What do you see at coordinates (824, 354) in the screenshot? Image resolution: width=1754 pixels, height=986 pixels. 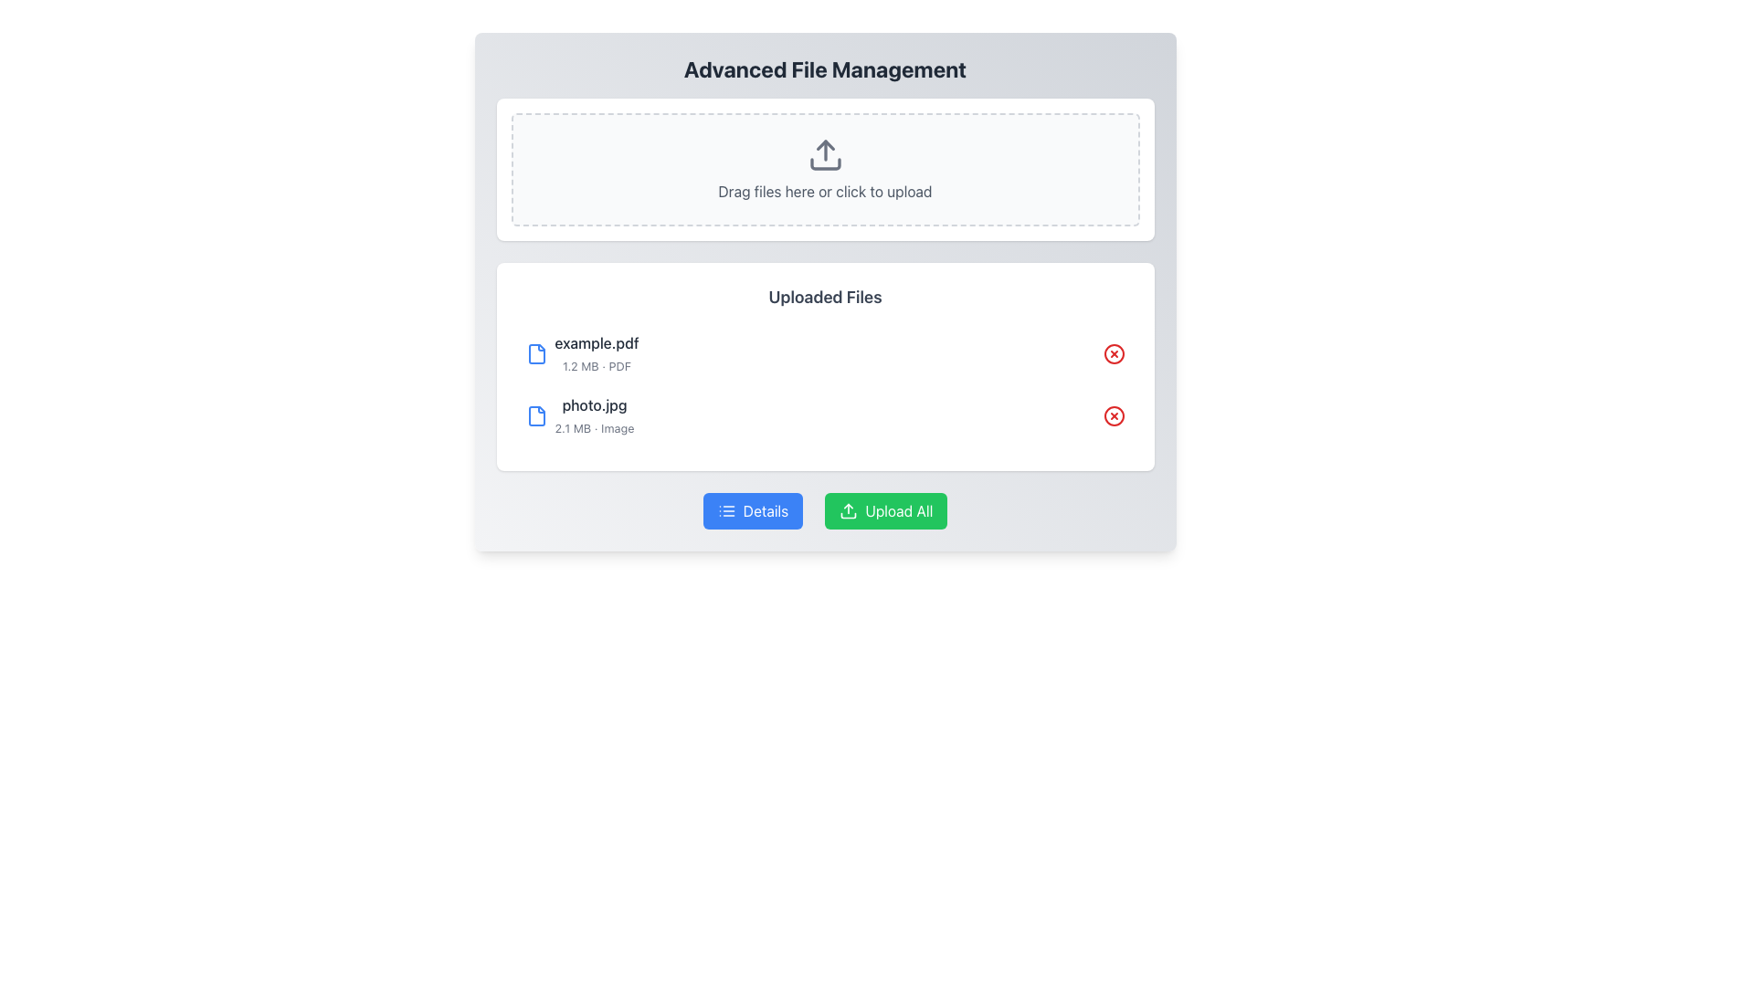 I see `the delete button of the first uploaded file entry in the 'Uploaded Files' section` at bounding box center [824, 354].